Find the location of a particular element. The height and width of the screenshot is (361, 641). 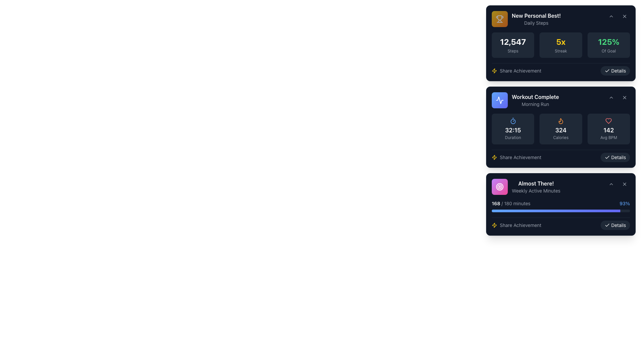

the horizontal progress bar with a gradient color fill transitioning from blue to indigo, located in the bottom card titled 'Almost There!' in the rightmost column, situated below the text '168 / 180 minutes' is located at coordinates (561, 211).